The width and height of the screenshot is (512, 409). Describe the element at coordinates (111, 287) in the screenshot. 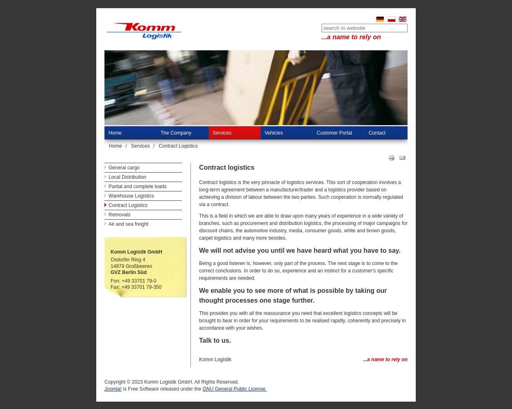

I see `'Fax: +49 33701 79-350'` at that location.